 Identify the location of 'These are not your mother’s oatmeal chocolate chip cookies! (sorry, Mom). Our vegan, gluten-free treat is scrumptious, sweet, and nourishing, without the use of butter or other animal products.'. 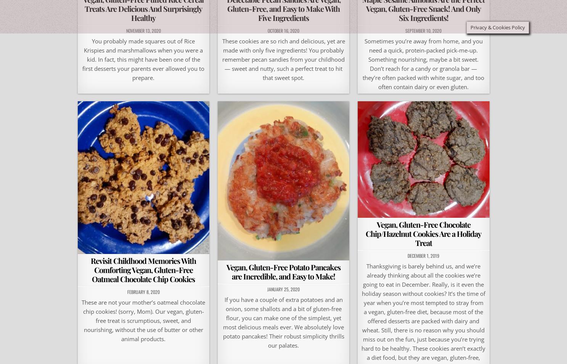
(143, 320).